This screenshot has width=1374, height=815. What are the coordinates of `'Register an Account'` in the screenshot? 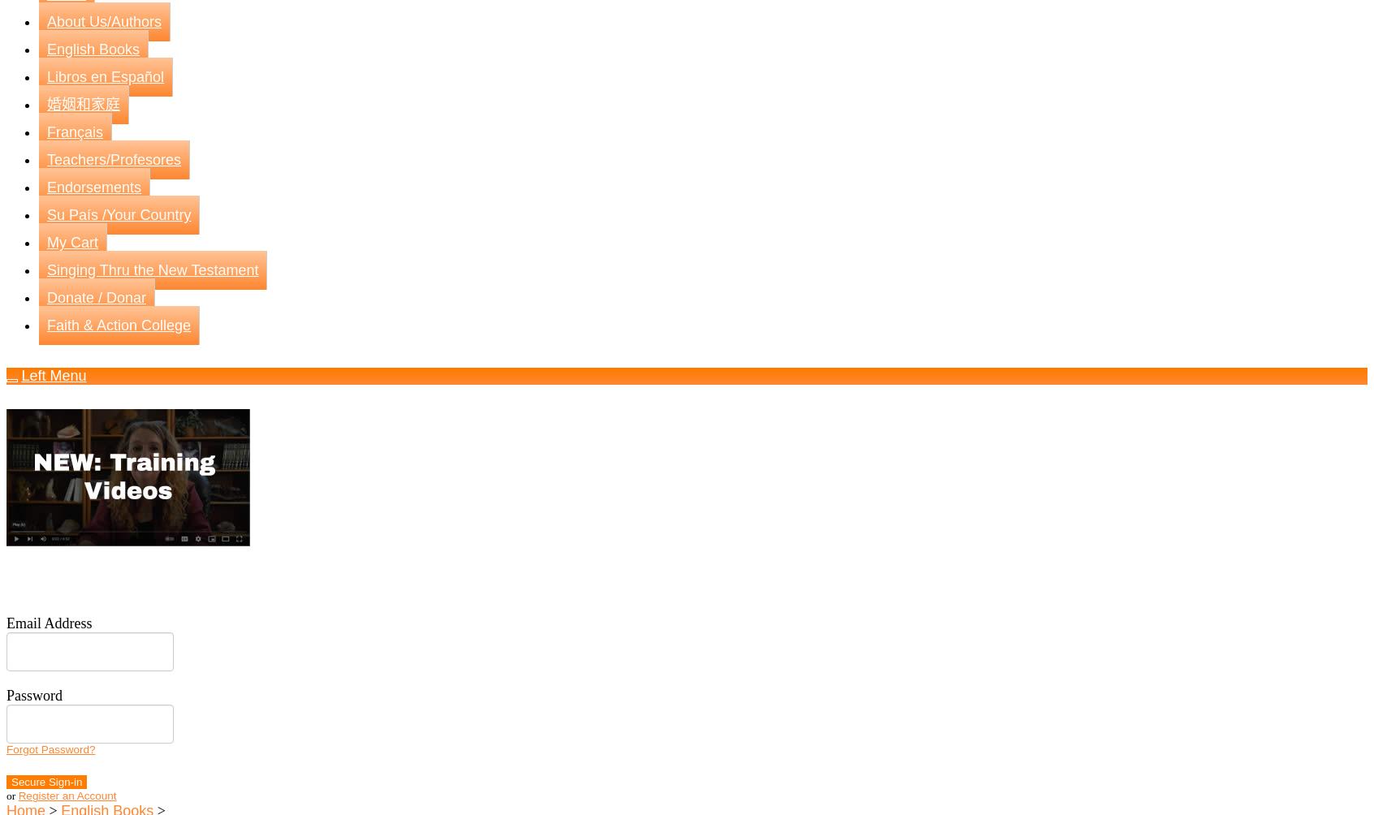 It's located at (67, 795).